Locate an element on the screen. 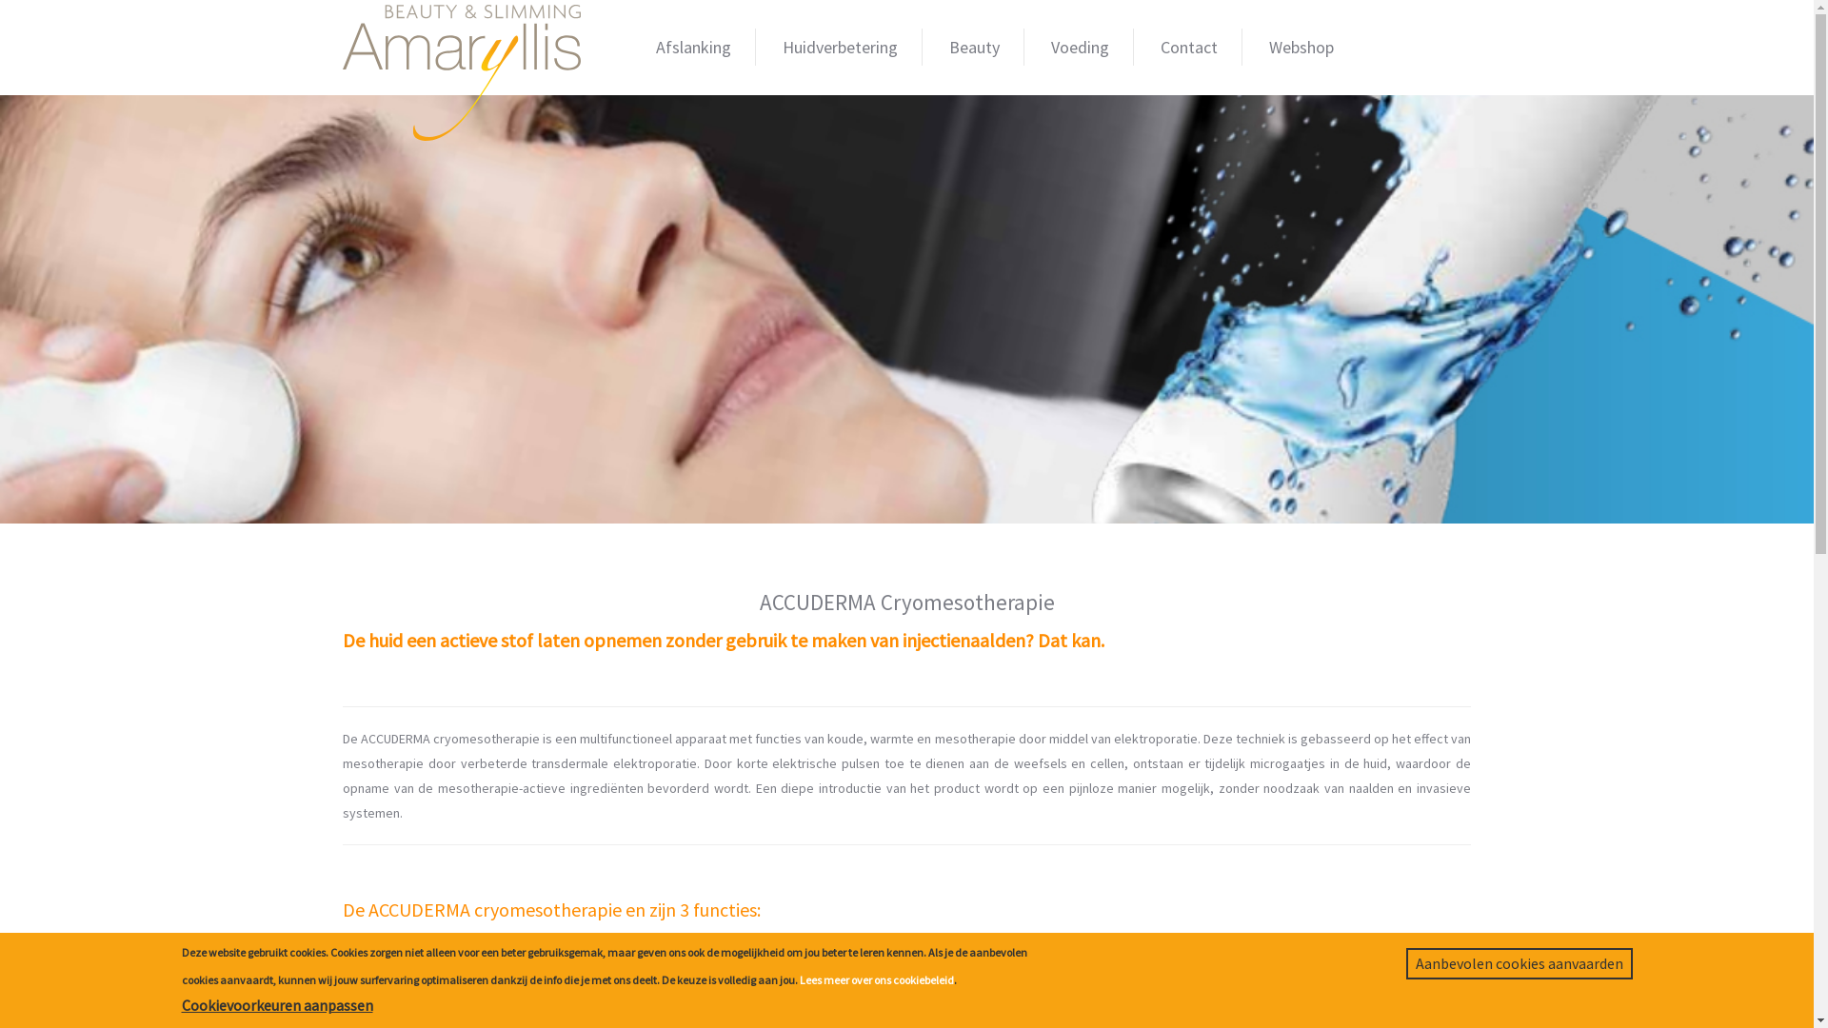 The image size is (1828, 1028). 'Lees meer over ons cookiebeleid' is located at coordinates (800, 979).